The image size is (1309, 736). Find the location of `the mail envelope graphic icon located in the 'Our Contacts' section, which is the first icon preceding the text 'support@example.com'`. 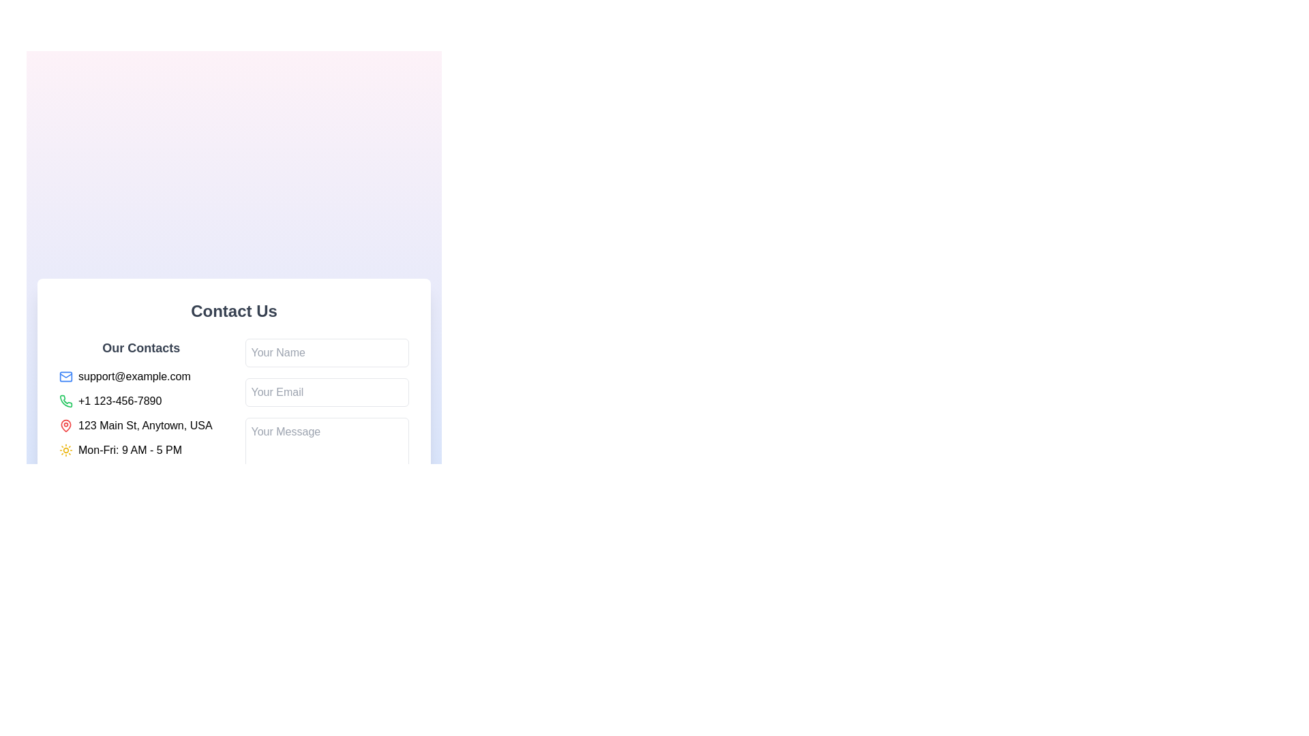

the mail envelope graphic icon located in the 'Our Contacts' section, which is the first icon preceding the text 'support@example.com' is located at coordinates (65, 376).